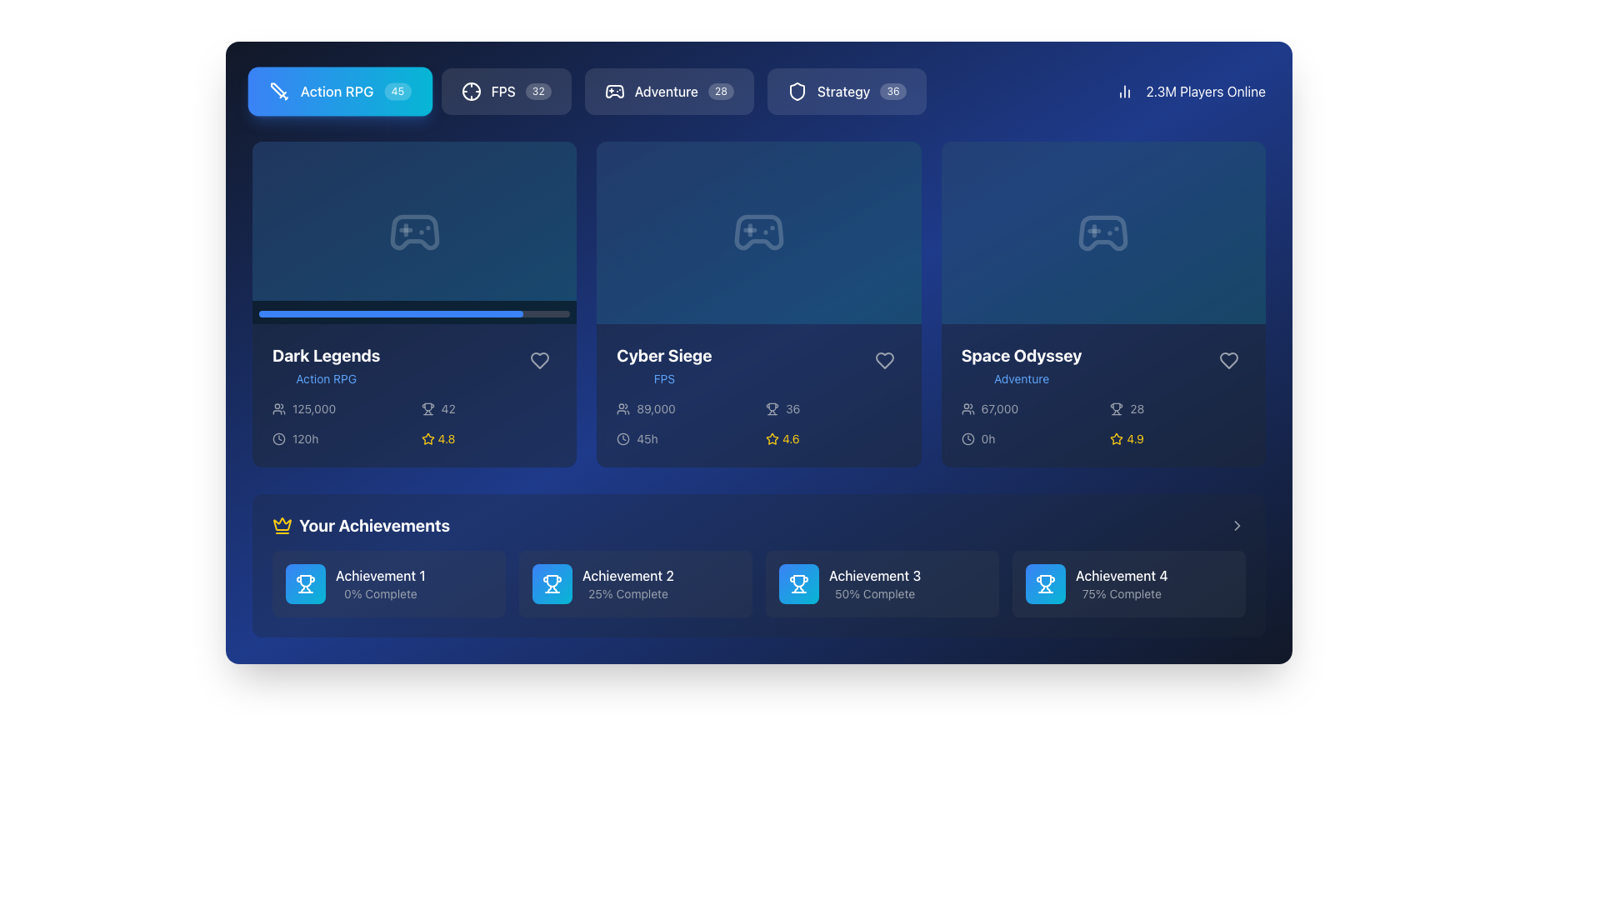  I want to click on the circular SVG shape that forms the boundary of the clock icon located at the bottom section of the interface, so click(279, 437).